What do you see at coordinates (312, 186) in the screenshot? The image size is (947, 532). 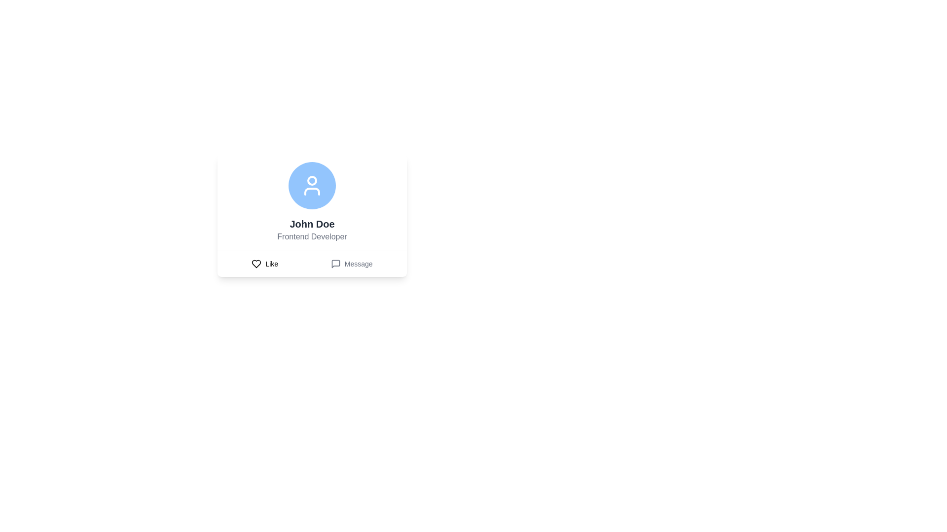 I see `the circular icon with a blue background and a white user icon at its center, which is centrally aligned at the top section of the card above the 'John Doe' title` at bounding box center [312, 186].